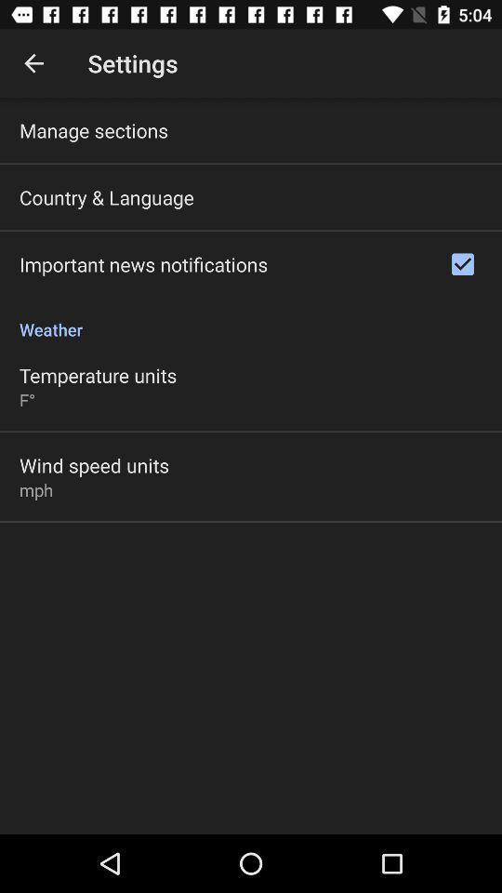 Image resolution: width=502 pixels, height=893 pixels. I want to click on the item above important news notifications, so click(106, 197).